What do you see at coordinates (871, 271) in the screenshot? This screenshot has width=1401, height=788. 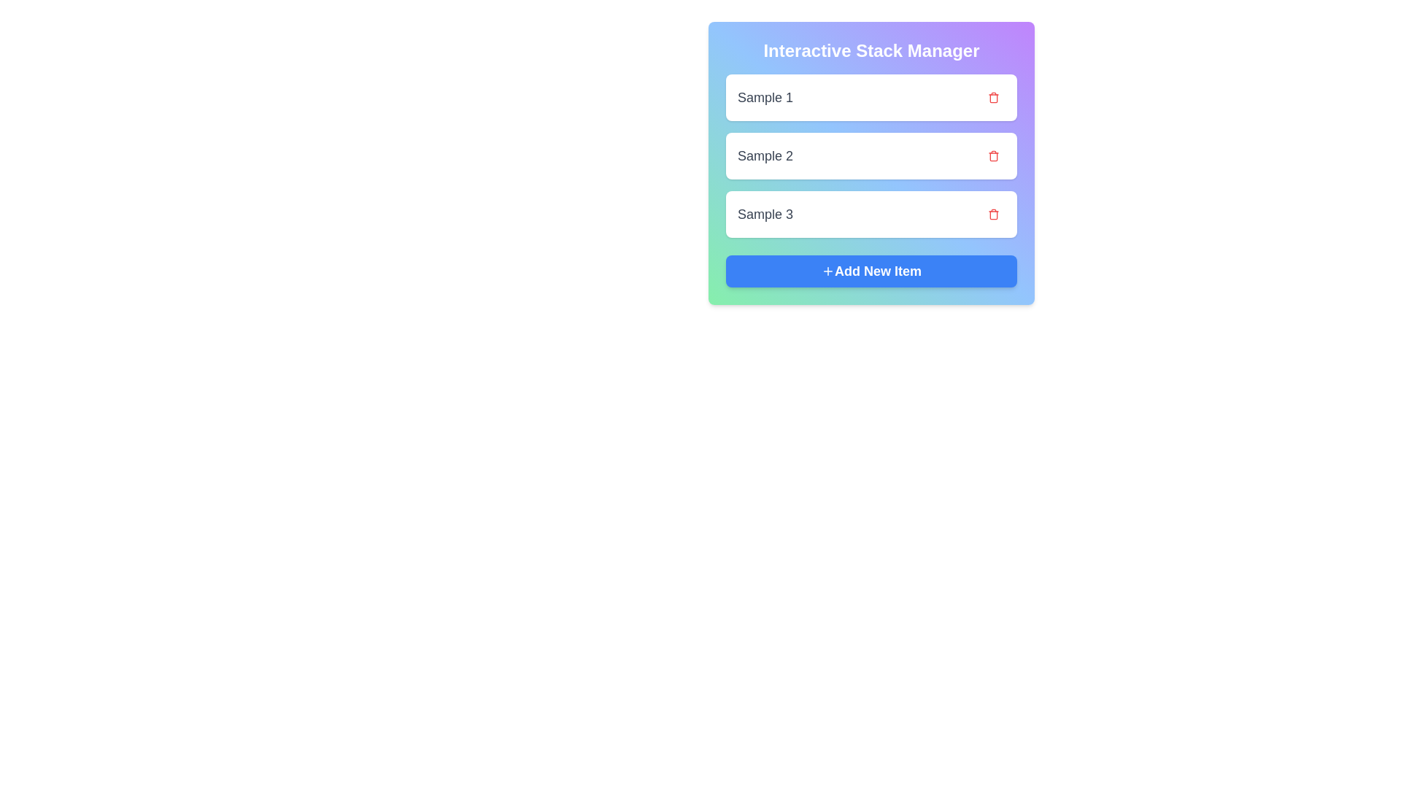 I see `the button located at the bottom of the vertically stacked interface, beneath the labeled items (Sample 1, Sample 2, Sample 3) with a gradient background transitioning from green to purple` at bounding box center [871, 271].